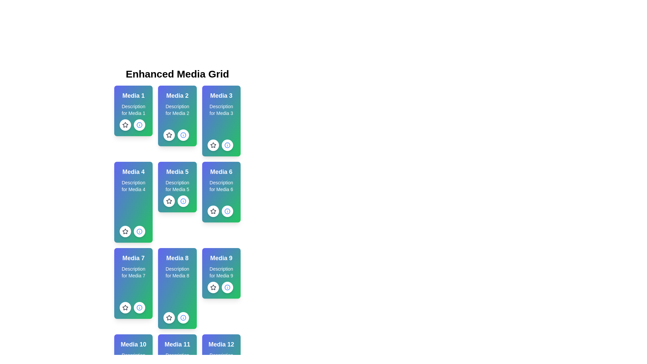  I want to click on the 'Media 9' text label, which serves as a title within the Enhanced Media Grid, located in the third column of the third row, so click(221, 258).